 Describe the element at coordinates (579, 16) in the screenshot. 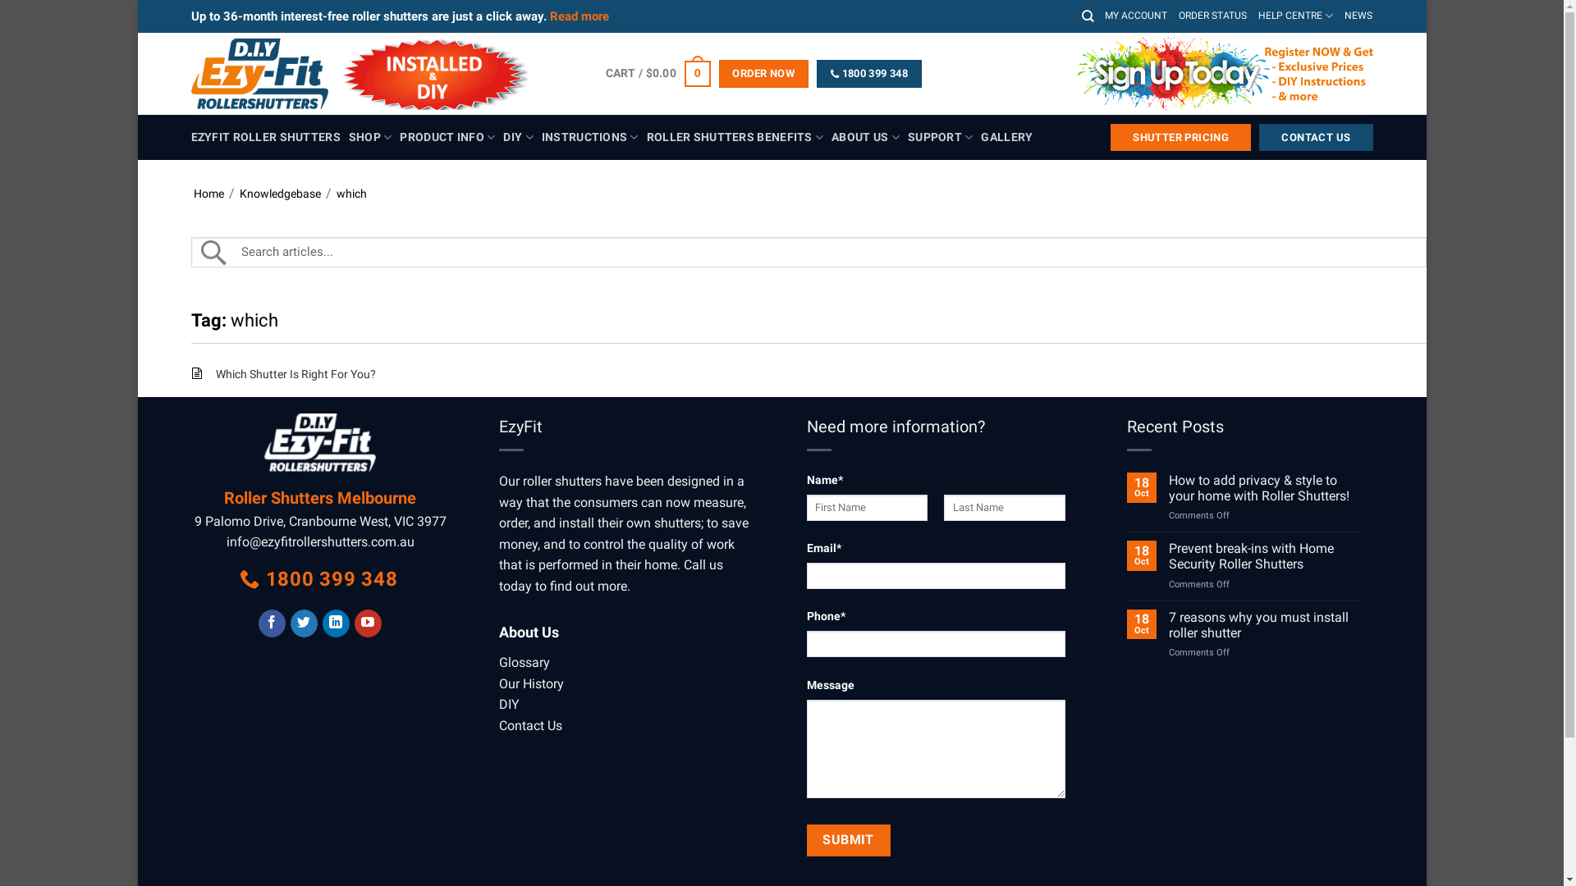

I see `'Read more'` at that location.